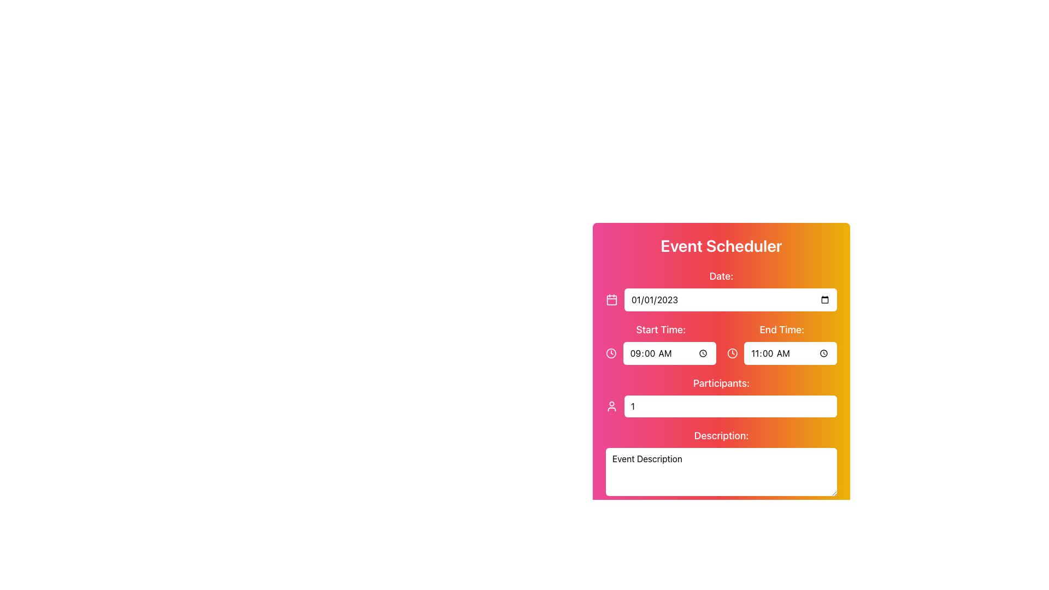 The image size is (1049, 590). Describe the element at coordinates (660, 343) in the screenshot. I see `the clock icon associated with the 'Start Time:' input field to access additional functionality` at that location.